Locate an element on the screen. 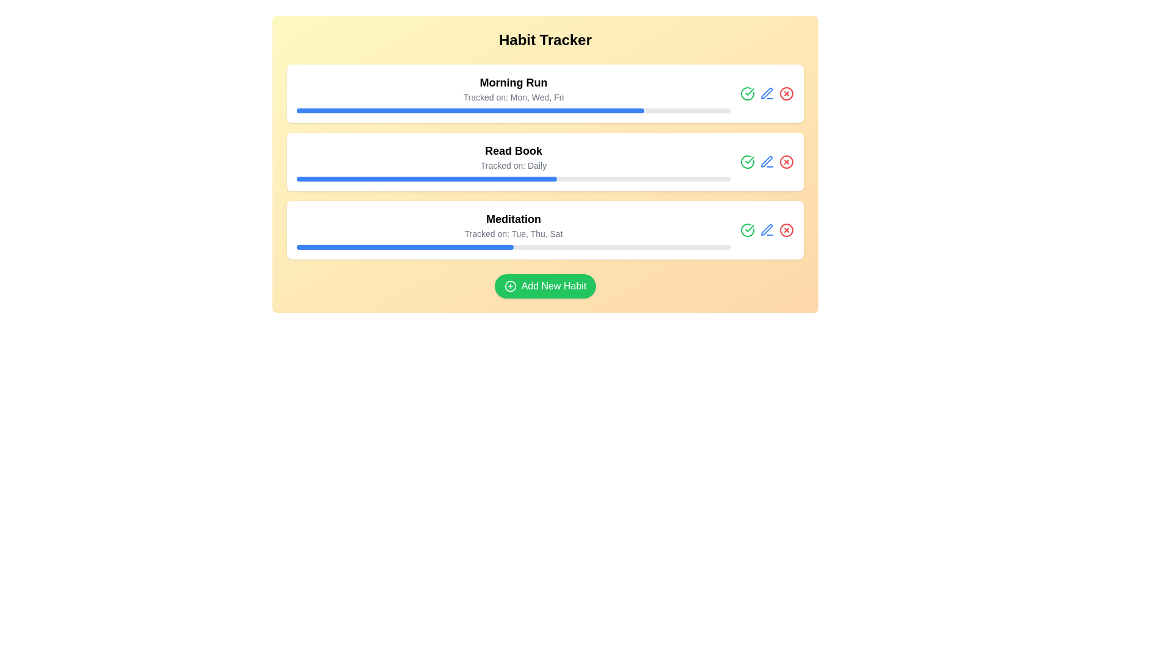 Image resolution: width=1170 pixels, height=658 pixels. the circular delete button associated with the habit 'Read Book' located at the top right corner of the second row in the habit tracking list is located at coordinates (787, 161).